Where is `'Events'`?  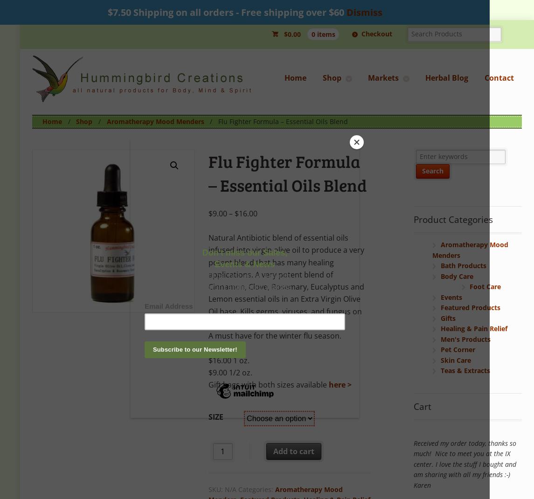
'Events' is located at coordinates (450, 297).